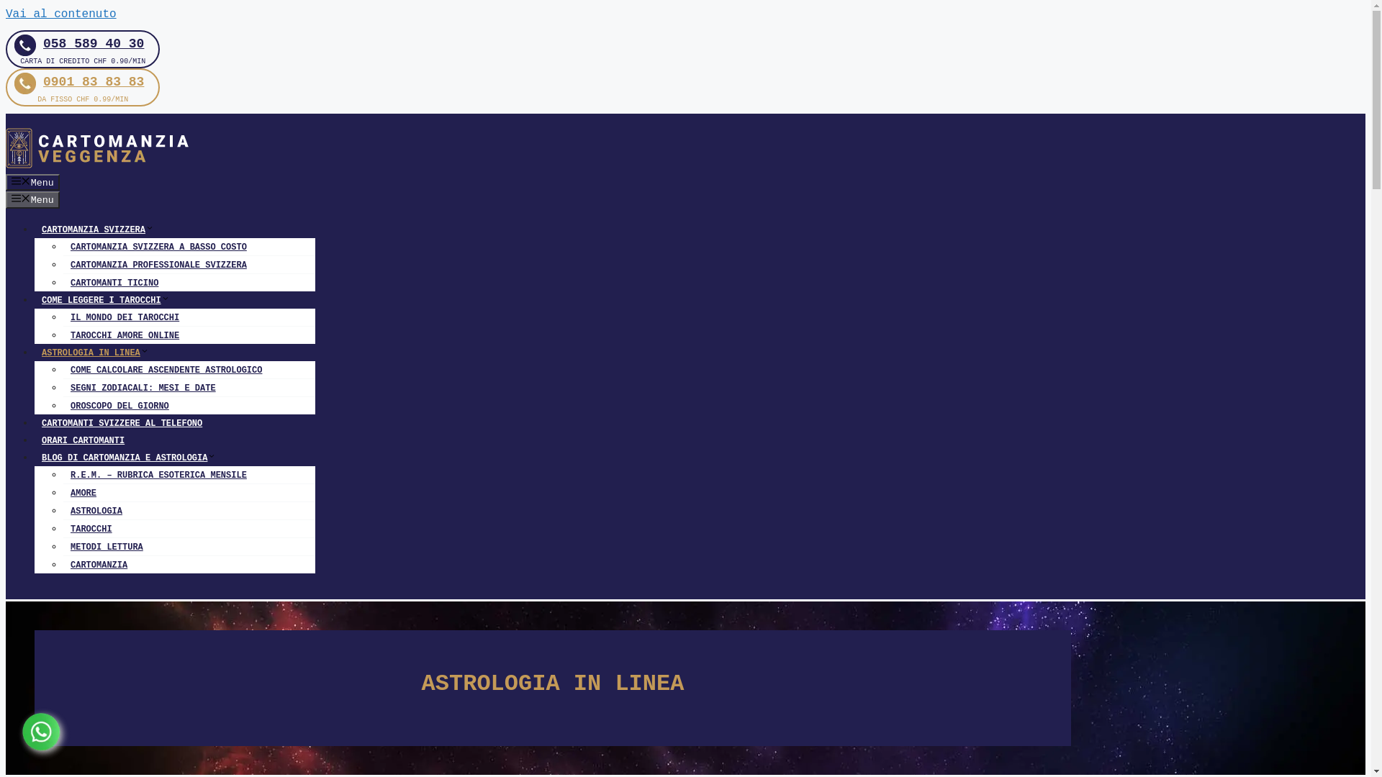 The image size is (1382, 777). What do you see at coordinates (109, 283) in the screenshot?
I see `'CARTOMANTI TICINO'` at bounding box center [109, 283].